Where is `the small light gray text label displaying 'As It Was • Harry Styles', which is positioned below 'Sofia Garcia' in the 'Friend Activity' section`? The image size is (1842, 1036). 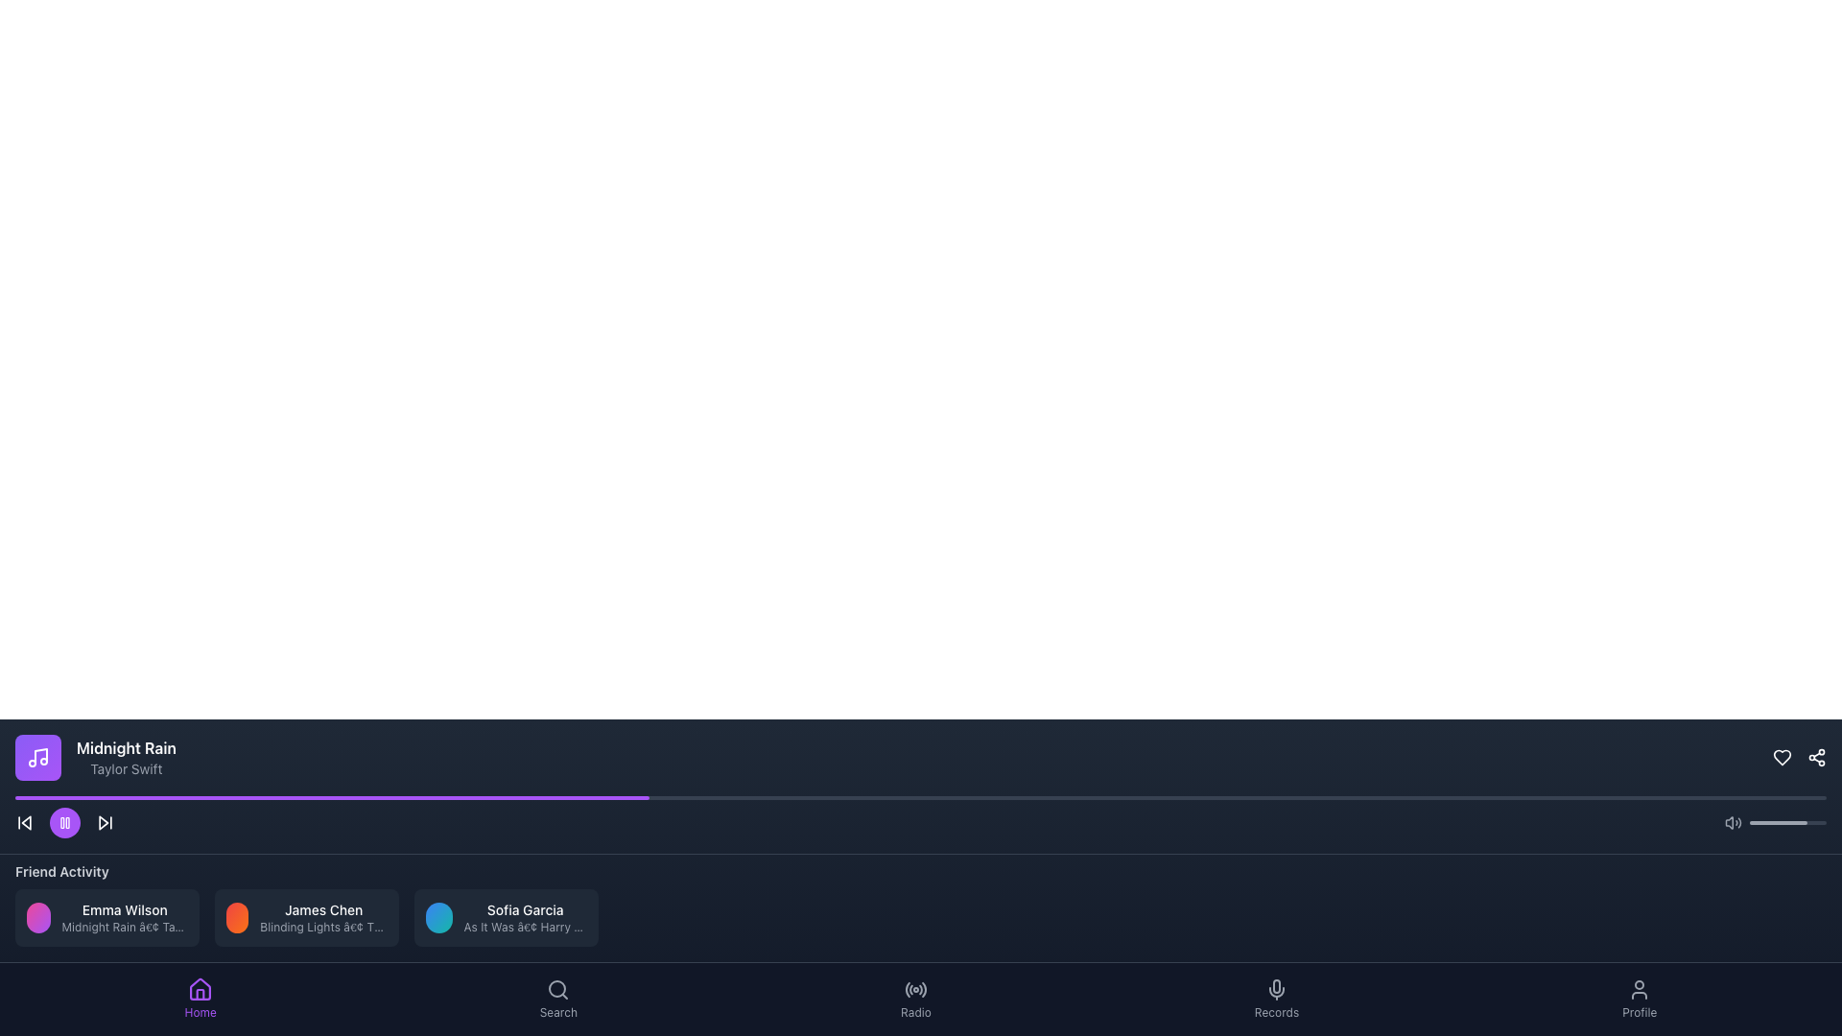
the small light gray text label displaying 'As It Was • Harry Styles', which is positioned below 'Sofia Garcia' in the 'Friend Activity' section is located at coordinates (525, 927).